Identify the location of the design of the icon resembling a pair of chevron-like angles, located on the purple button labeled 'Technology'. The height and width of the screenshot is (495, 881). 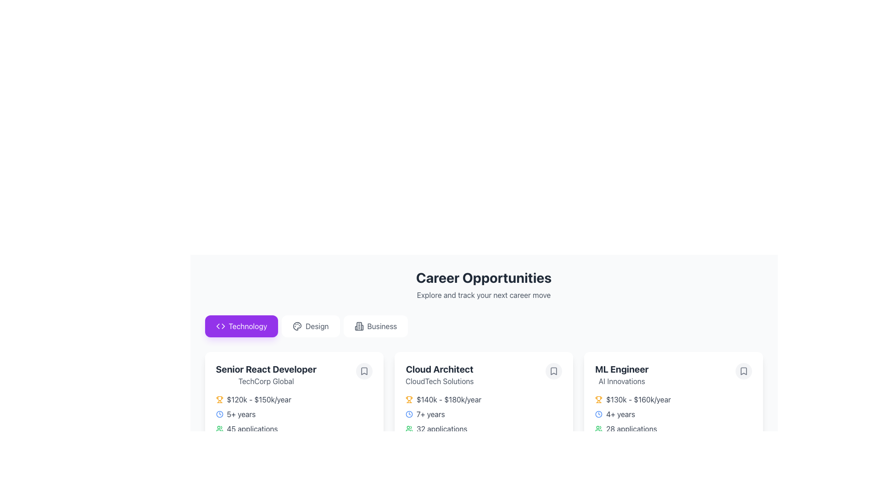
(220, 326).